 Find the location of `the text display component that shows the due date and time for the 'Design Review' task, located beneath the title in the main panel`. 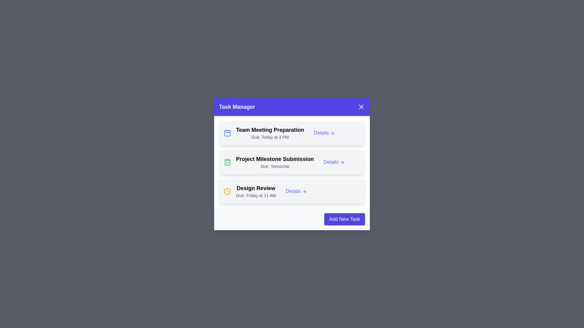

the text display component that shows the due date and time for the 'Design Review' task, located beneath the title in the main panel is located at coordinates (256, 196).